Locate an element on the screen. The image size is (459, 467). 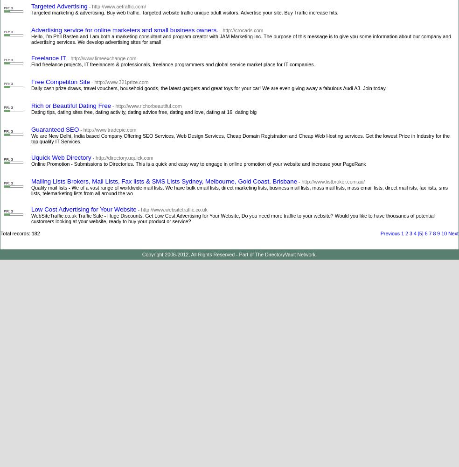
'Free Competiton Site' is located at coordinates (60, 81).